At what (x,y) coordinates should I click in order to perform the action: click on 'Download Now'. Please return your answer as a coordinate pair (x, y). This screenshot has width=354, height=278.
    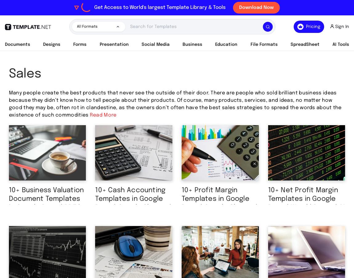
    Looking at the image, I should click on (256, 7).